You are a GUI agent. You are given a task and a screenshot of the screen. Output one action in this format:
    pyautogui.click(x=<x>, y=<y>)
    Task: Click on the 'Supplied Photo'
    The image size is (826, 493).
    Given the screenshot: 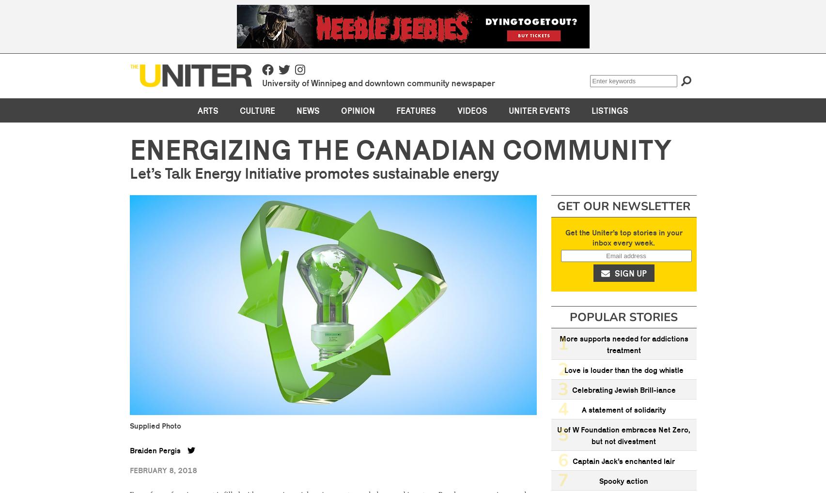 What is the action you would take?
    pyautogui.click(x=155, y=425)
    